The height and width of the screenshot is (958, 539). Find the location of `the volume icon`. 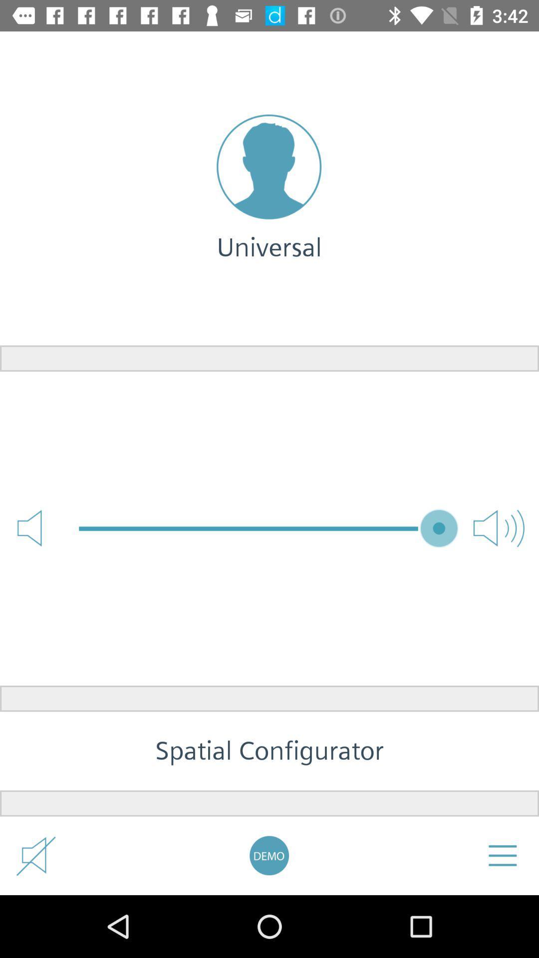

the volume icon is located at coordinates (499, 528).